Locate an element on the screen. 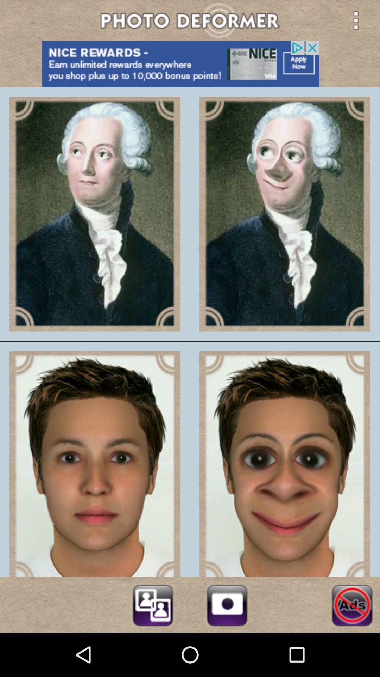 The image size is (380, 677). the follow icon is located at coordinates (152, 647).